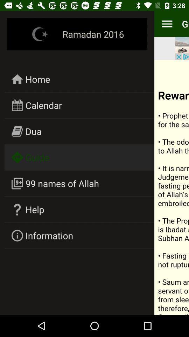 The image size is (189, 337). I want to click on minimize the menu, so click(167, 24).